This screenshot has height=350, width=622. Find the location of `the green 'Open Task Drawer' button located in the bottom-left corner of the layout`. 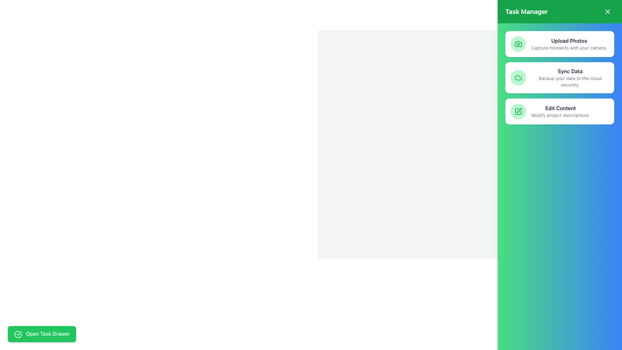

the green 'Open Task Drawer' button located in the bottom-left corner of the layout is located at coordinates (41, 334).